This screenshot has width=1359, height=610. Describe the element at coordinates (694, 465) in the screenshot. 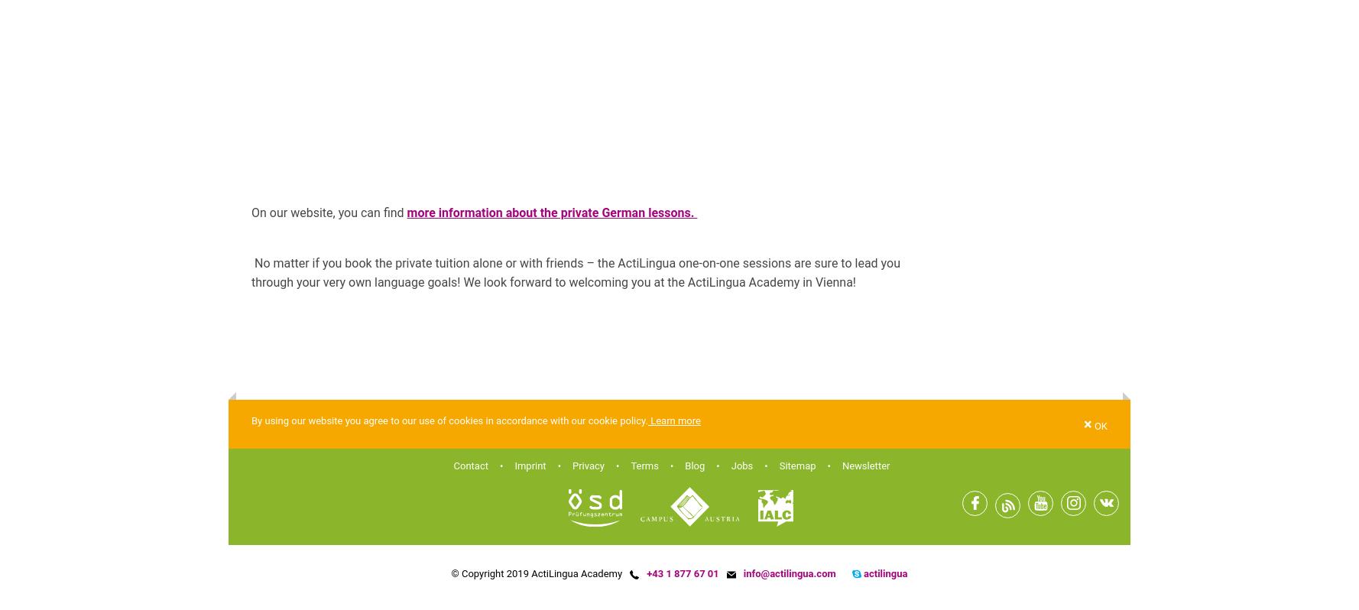

I see `'Blog'` at that location.